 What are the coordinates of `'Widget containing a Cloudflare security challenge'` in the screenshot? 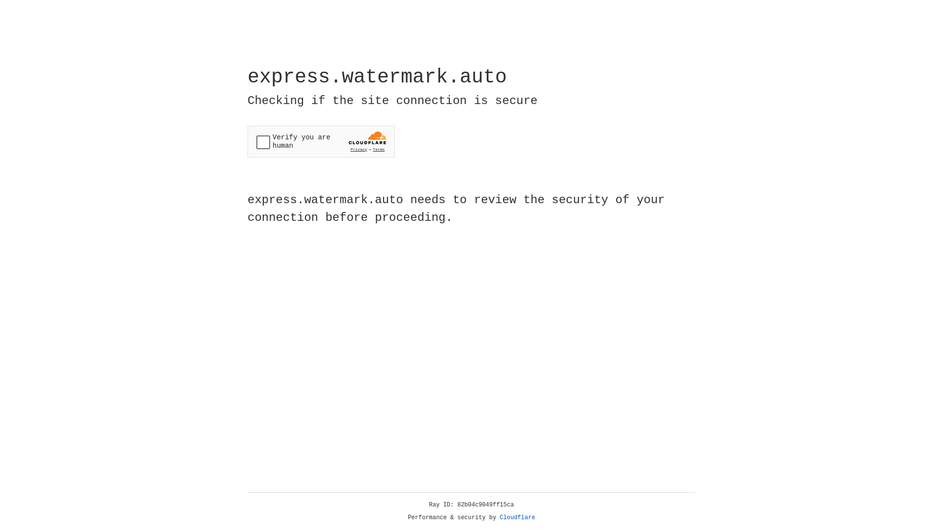 It's located at (321, 141).